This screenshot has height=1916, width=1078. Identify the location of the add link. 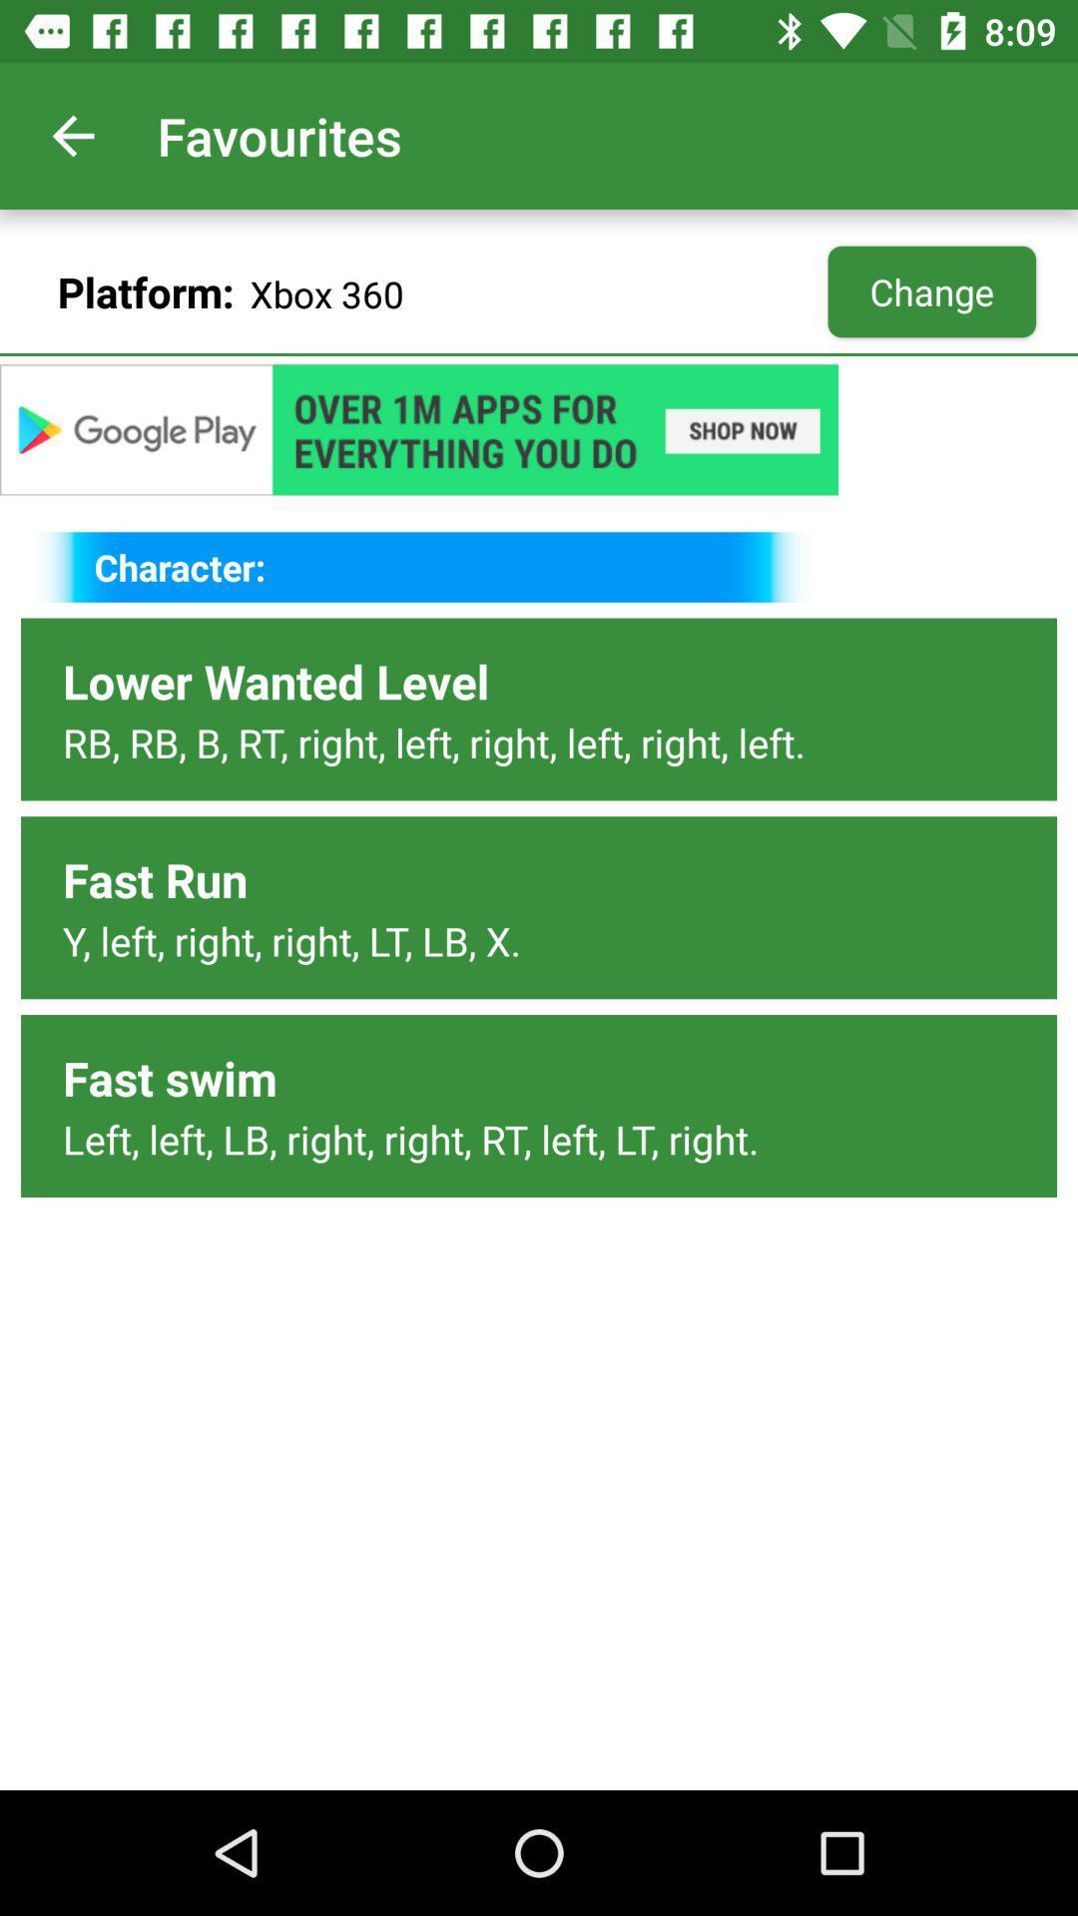
(539, 428).